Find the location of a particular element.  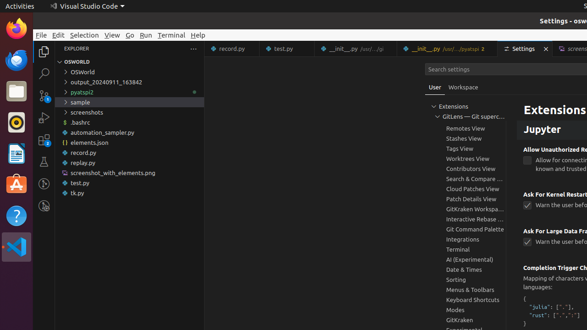

'Modes, group' is located at coordinates (465, 309).